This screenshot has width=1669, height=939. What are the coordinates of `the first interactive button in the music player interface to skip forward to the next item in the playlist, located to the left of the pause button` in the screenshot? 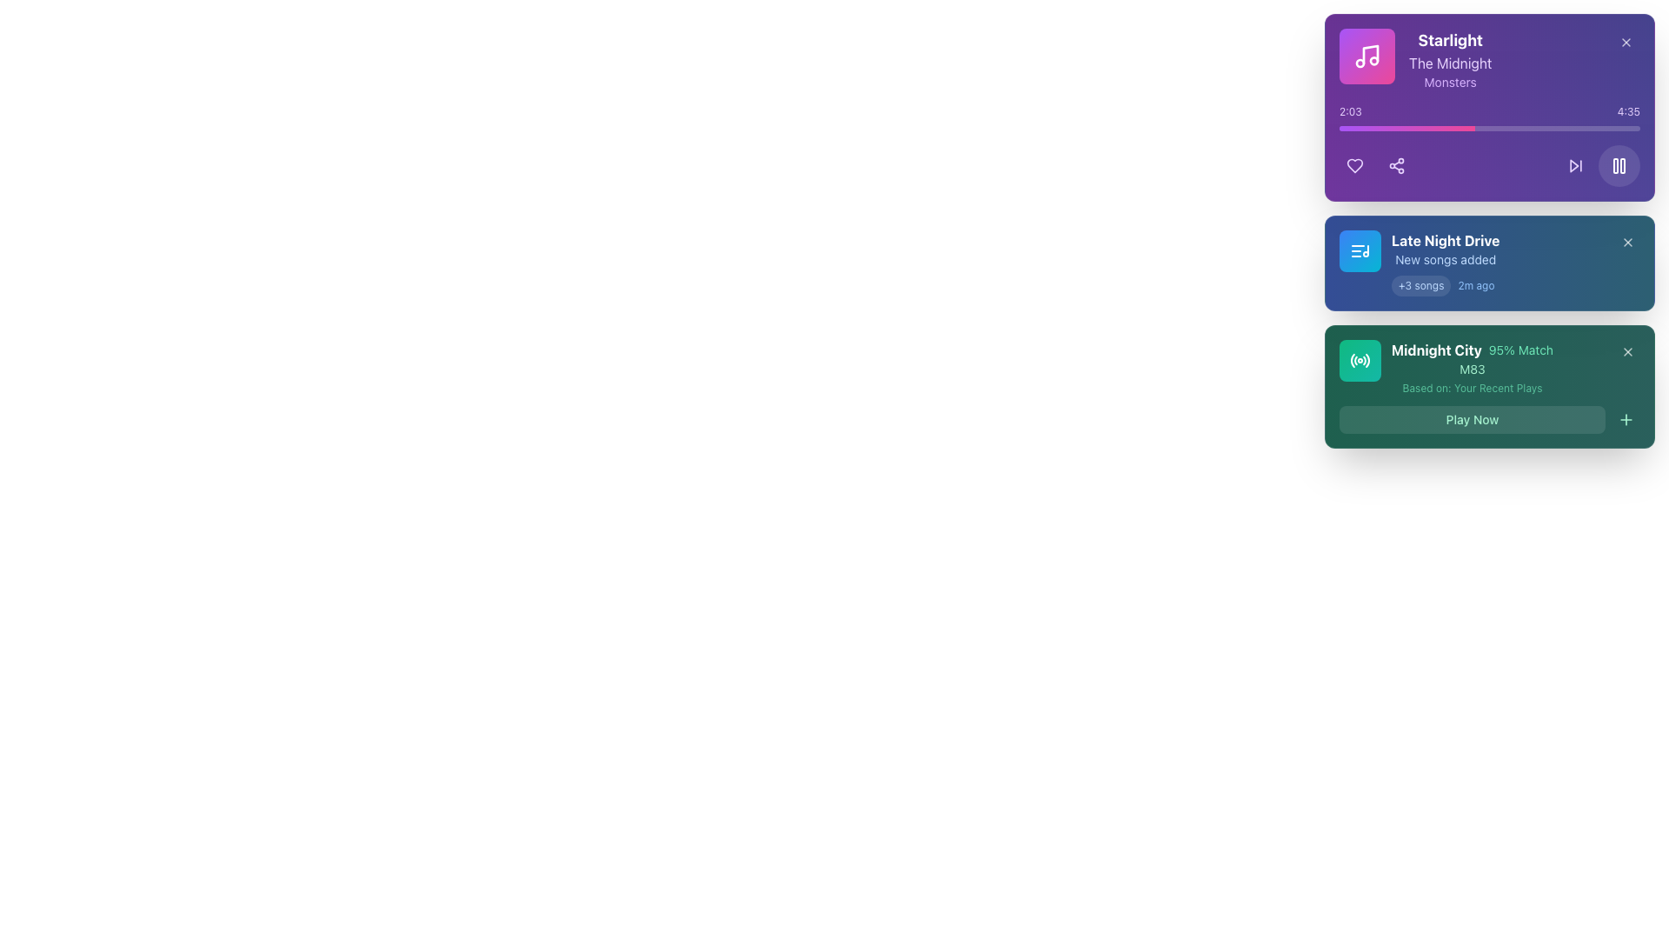 It's located at (1576, 166).